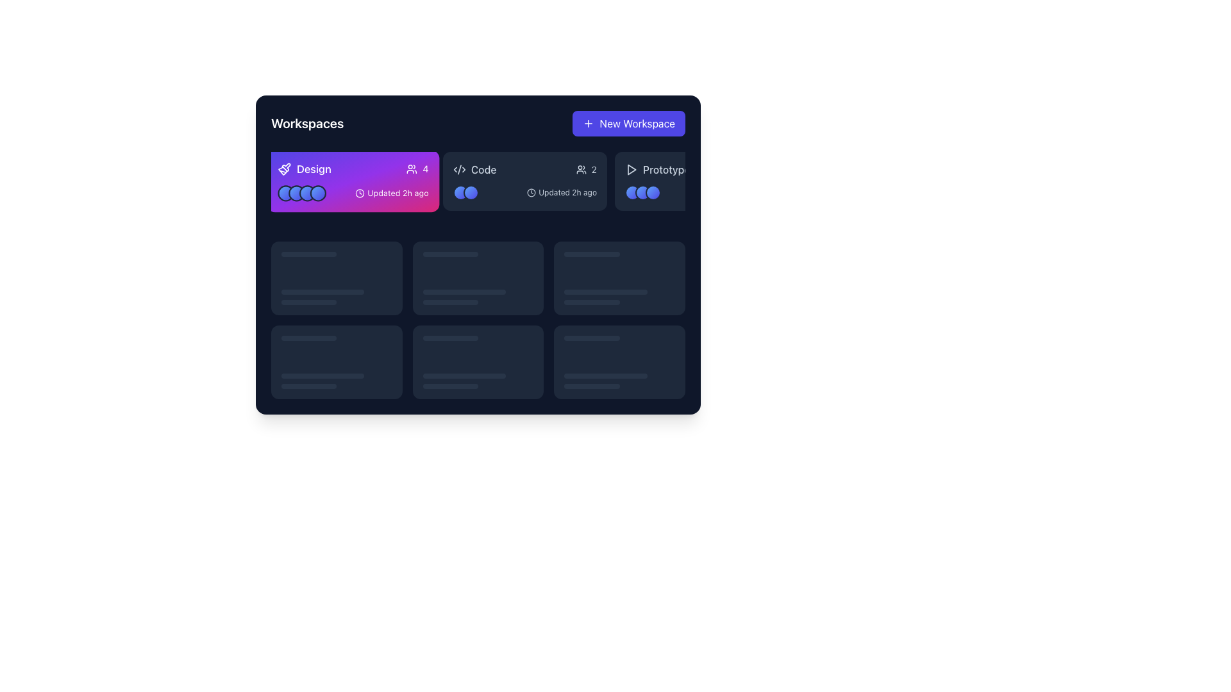 Image resolution: width=1231 pixels, height=692 pixels. Describe the element at coordinates (318, 193) in the screenshot. I see `the fourth circular gradient-filled visual indicator or avatar placeholder, which transitions from blue to indigo, located in the 'Design' workspace` at that location.